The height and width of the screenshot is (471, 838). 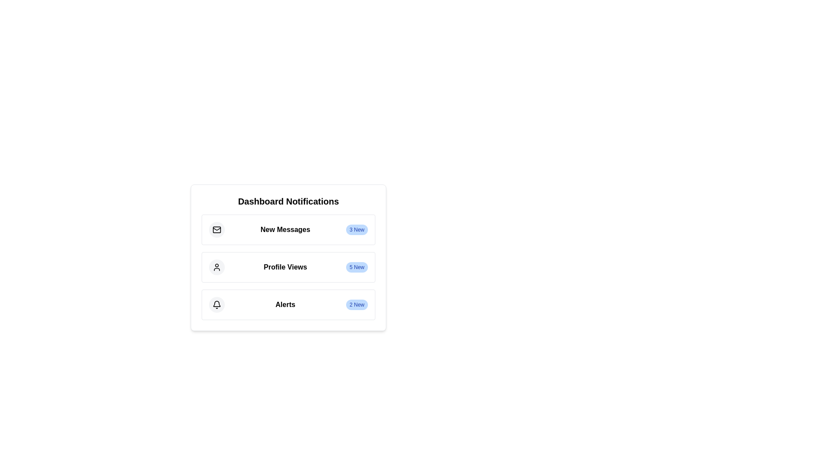 What do you see at coordinates (288, 267) in the screenshot?
I see `the Notification Item displaying 'Profile Views' with 5 new views, located between 'New Messages' and 'Alerts'` at bounding box center [288, 267].